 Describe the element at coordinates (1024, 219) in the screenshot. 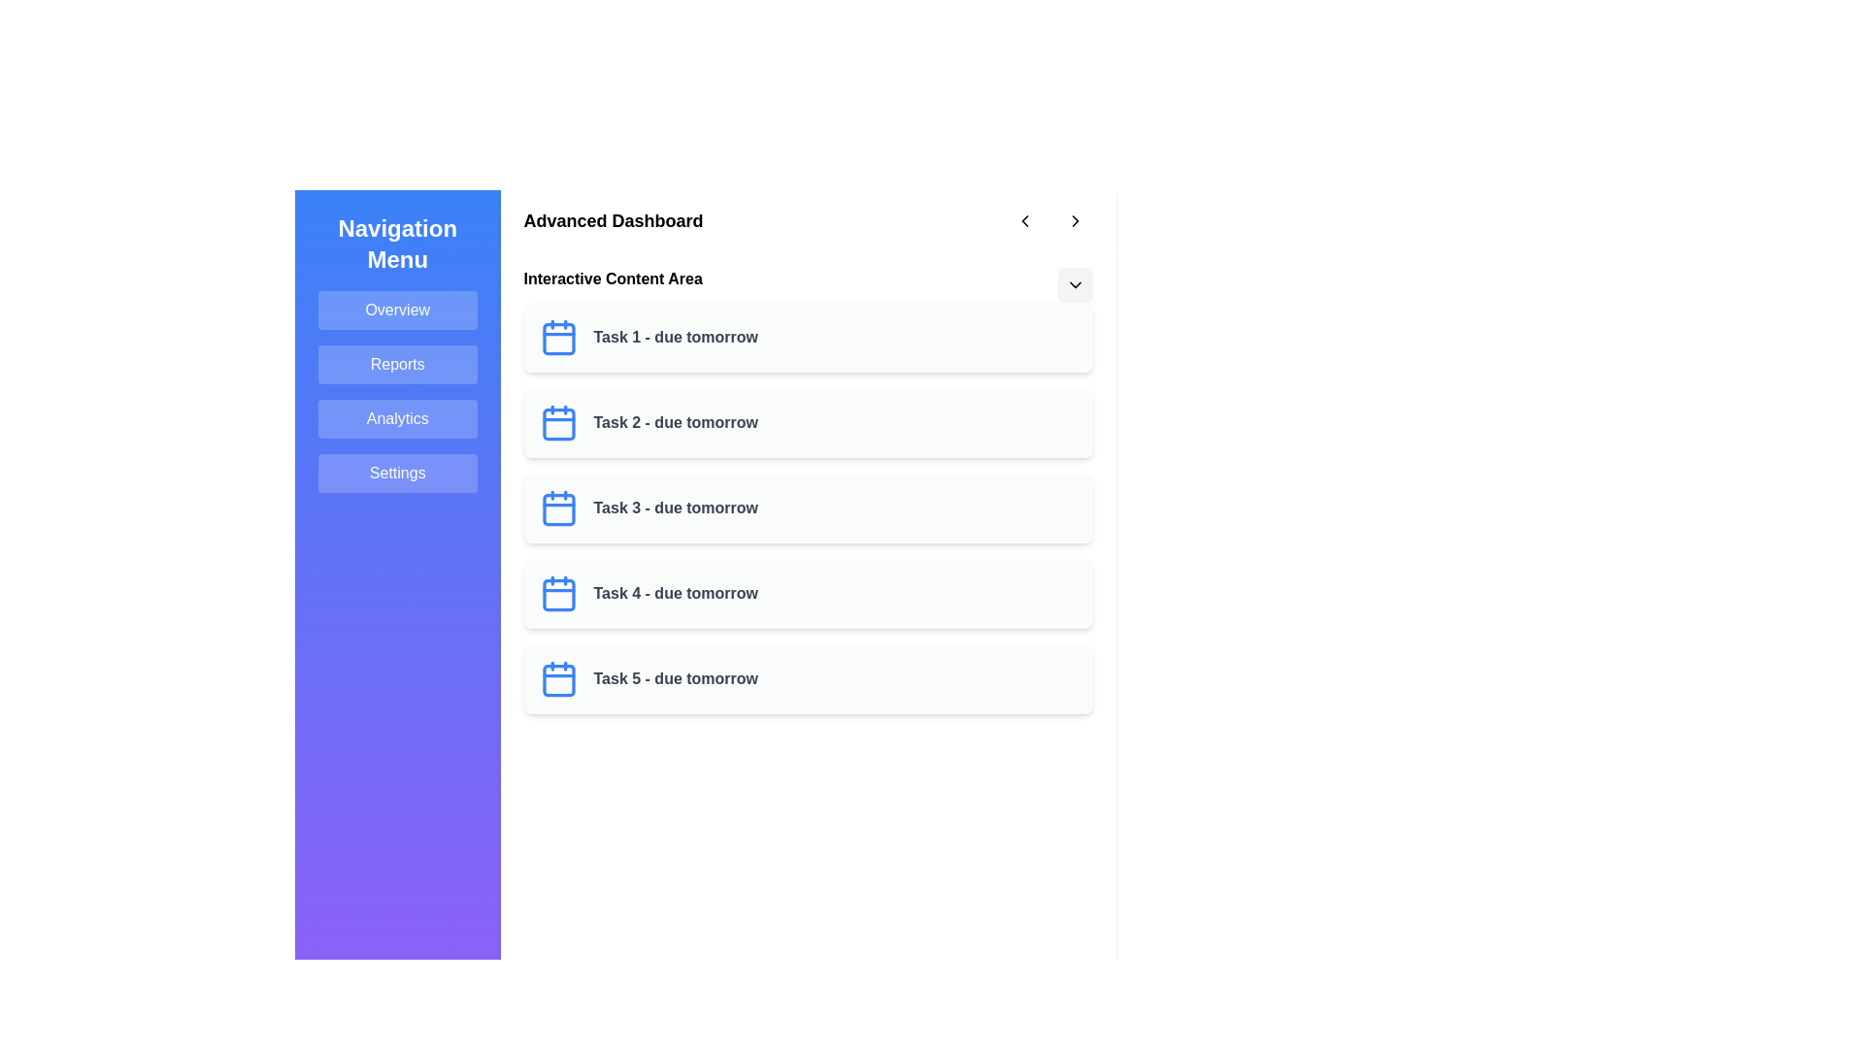

I see `the Chevron navigation icon within the clickable button located at the top-right of the Advanced Dashboard section to change its appearance` at that location.